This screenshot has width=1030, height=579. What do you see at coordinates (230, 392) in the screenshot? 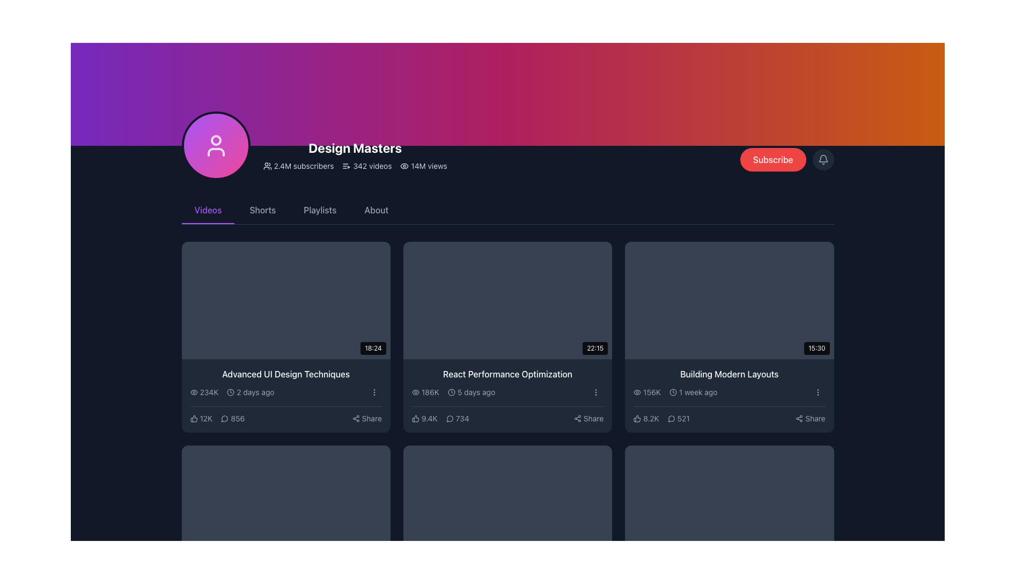
I see `properties of the circular graphical element within the SVG icon located near the '2 days ago' text of the 'Advanced UI Design Techniques' video information card` at bounding box center [230, 392].